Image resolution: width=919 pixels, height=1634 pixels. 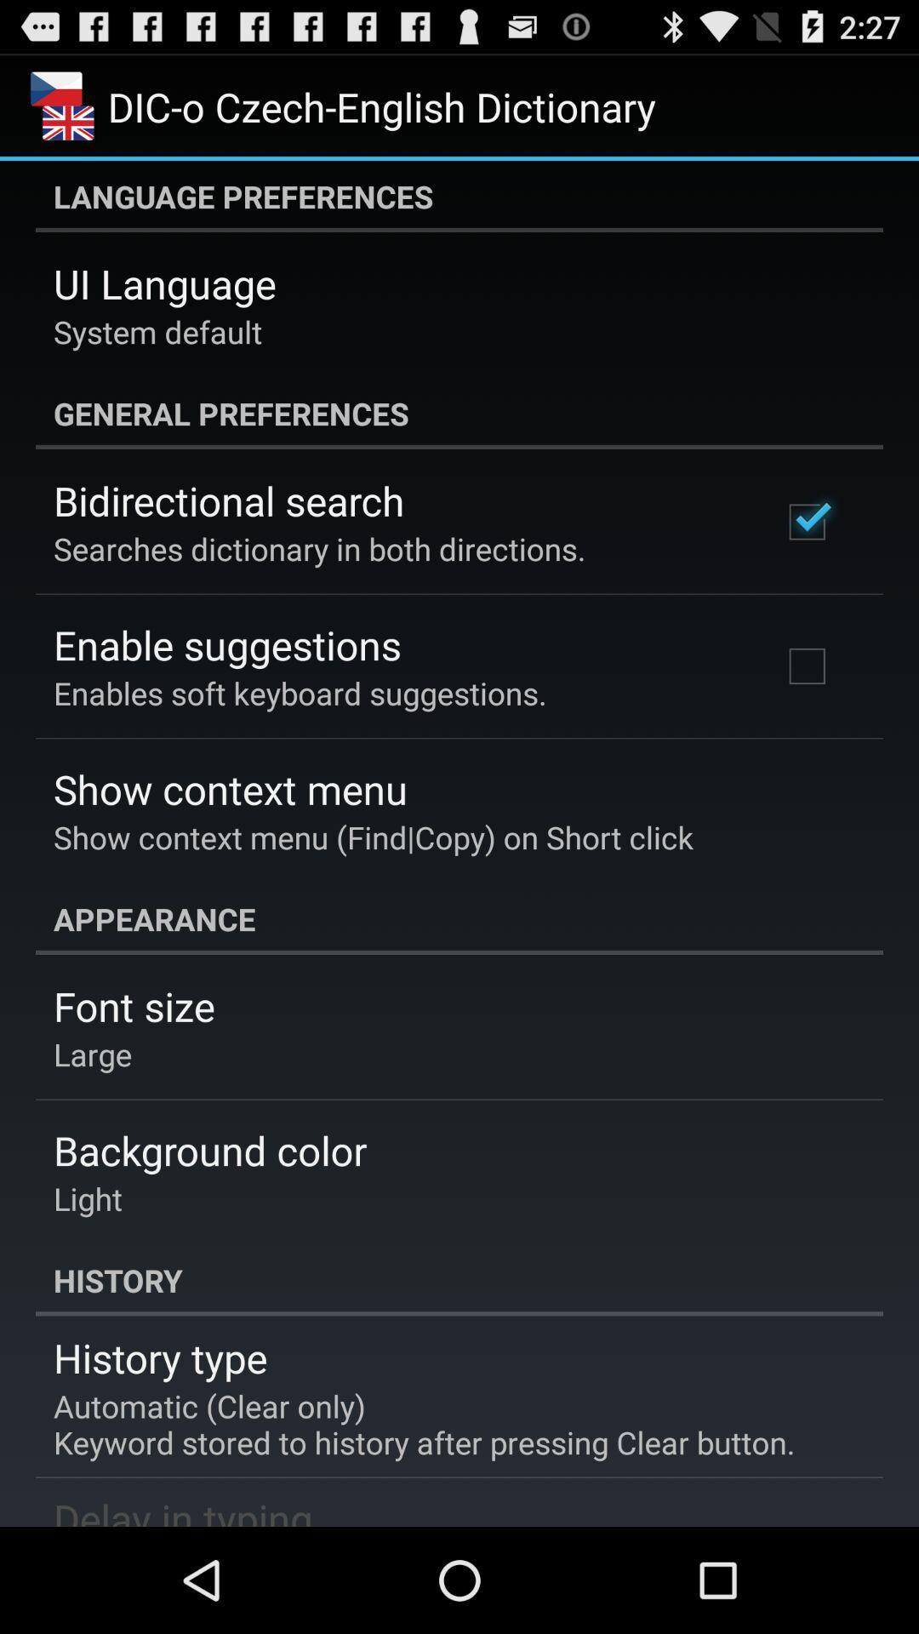 I want to click on the icon below the font size, so click(x=93, y=1053).